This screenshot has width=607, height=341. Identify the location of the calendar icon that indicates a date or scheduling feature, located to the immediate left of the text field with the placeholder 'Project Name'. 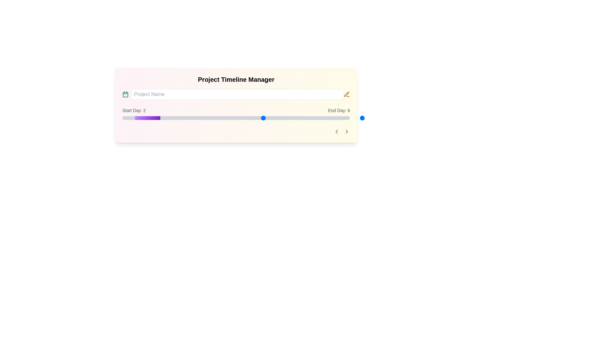
(126, 94).